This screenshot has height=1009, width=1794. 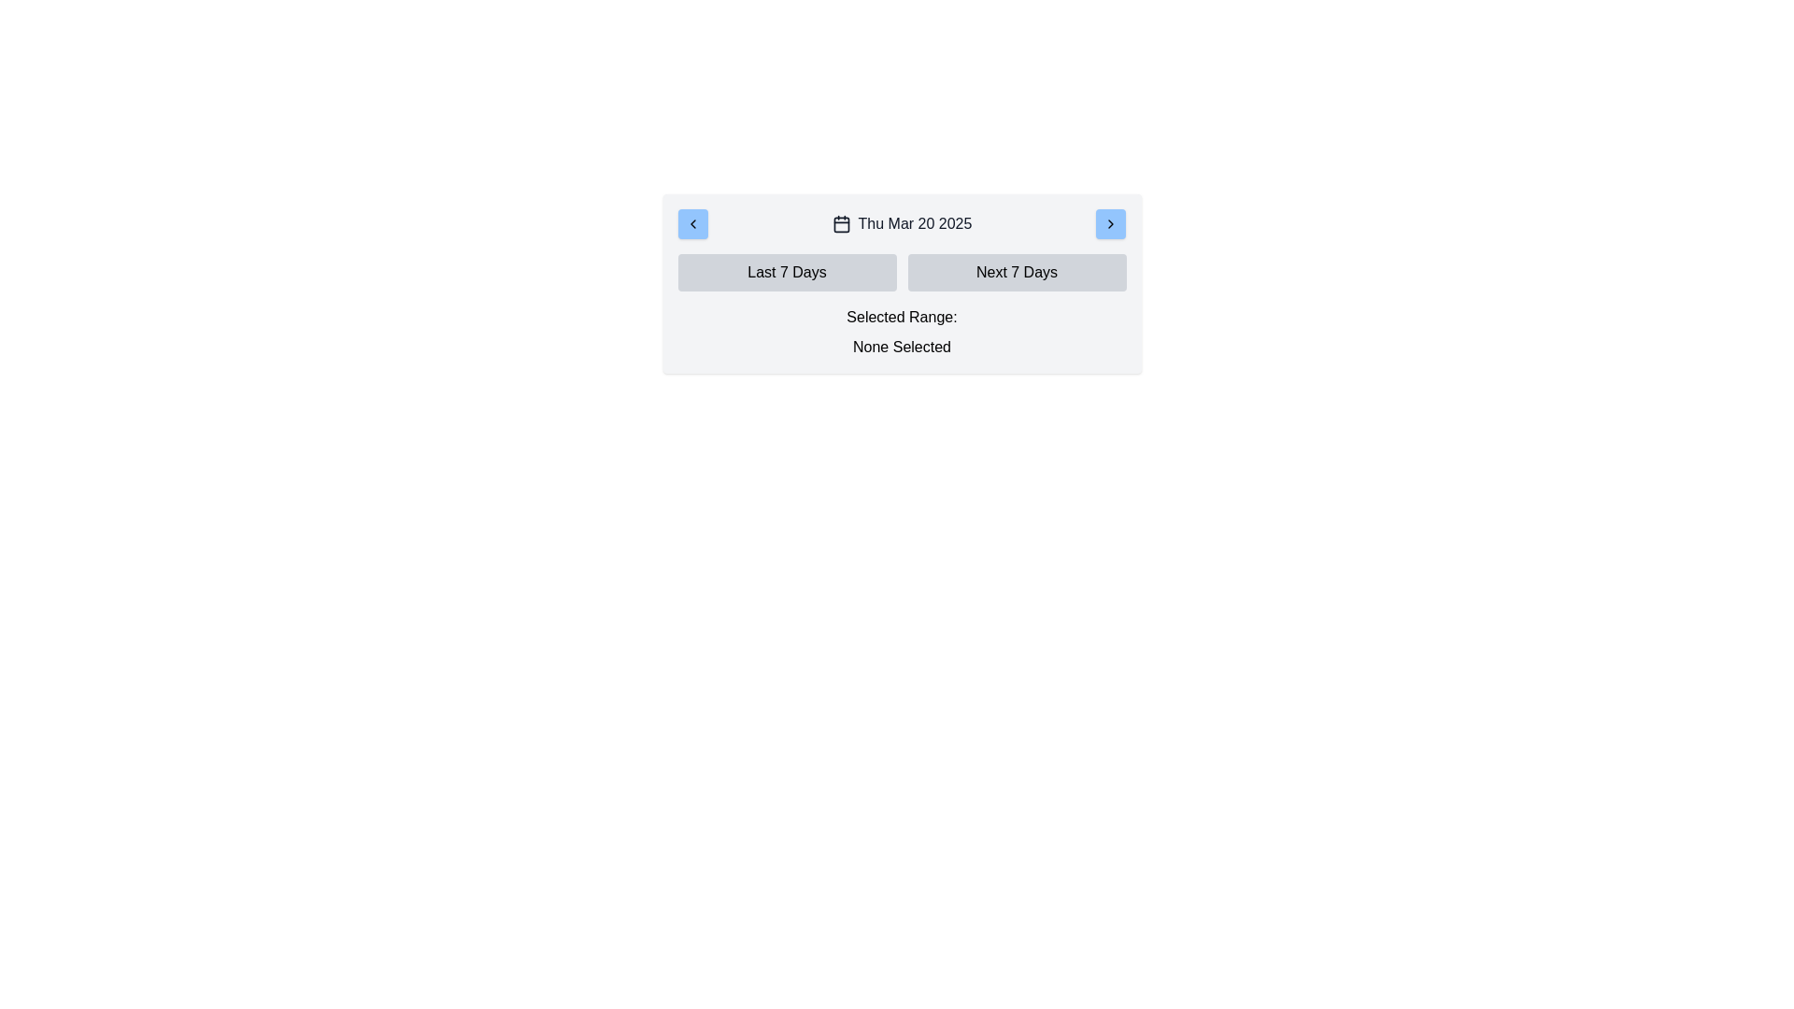 I want to click on the central rectangle of the calendar icon, which serves as the body and background for the date details, so click(x=840, y=223).